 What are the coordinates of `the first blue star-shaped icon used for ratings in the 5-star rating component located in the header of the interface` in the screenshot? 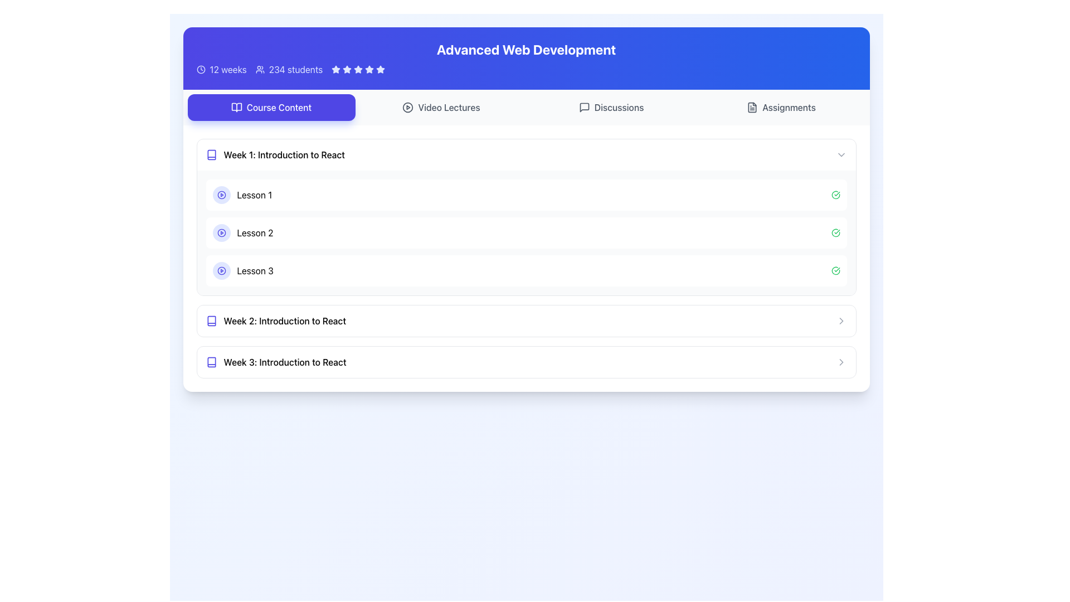 It's located at (335, 69).